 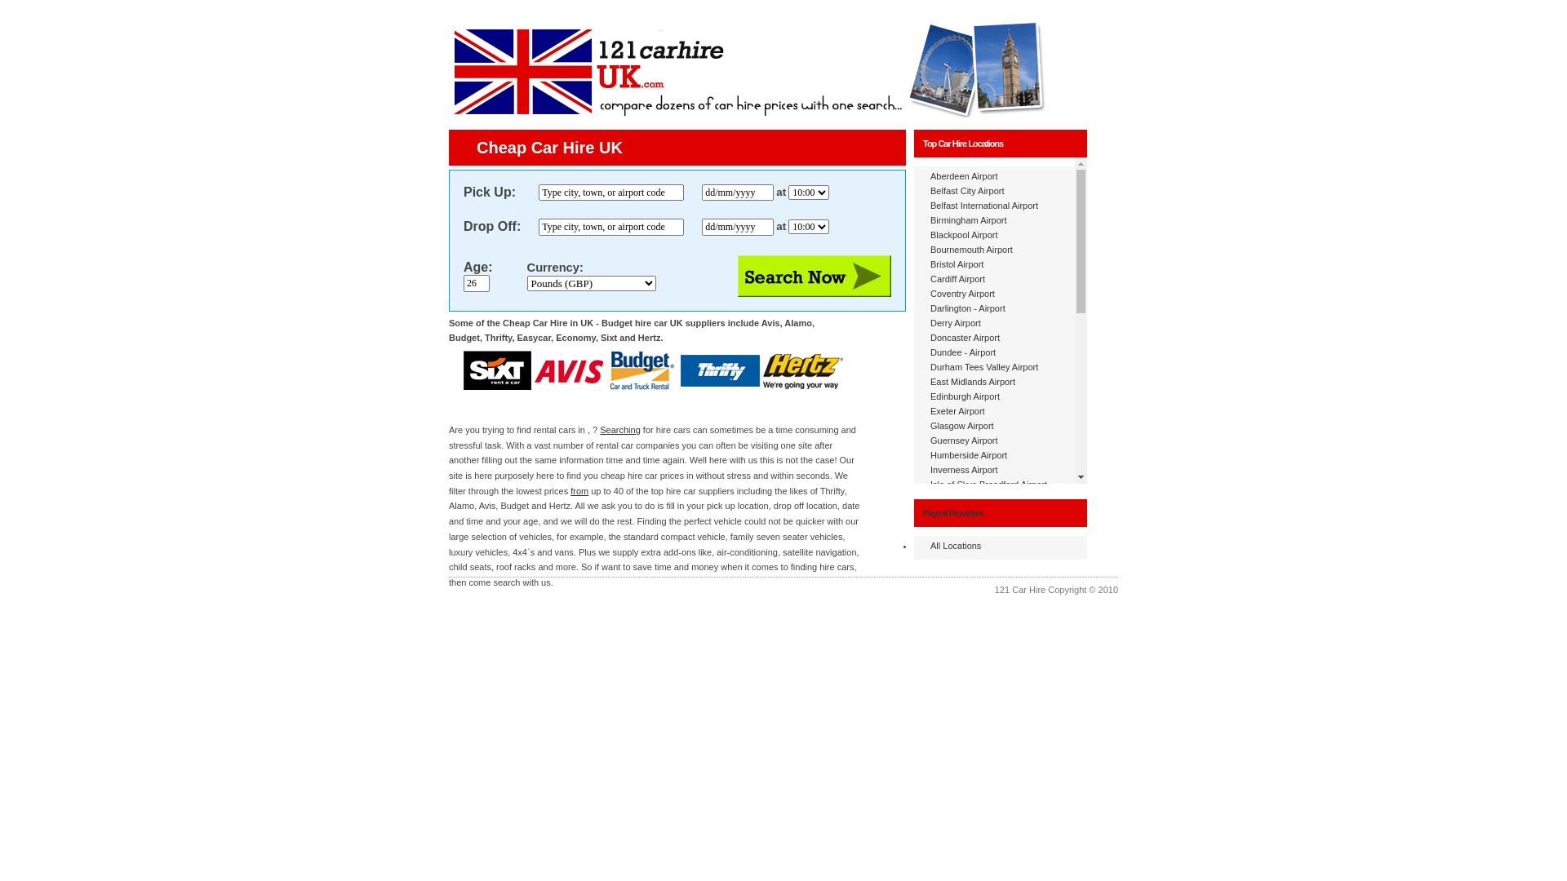 What do you see at coordinates (963, 704) in the screenshot?
I see `'Newquay Airport'` at bounding box center [963, 704].